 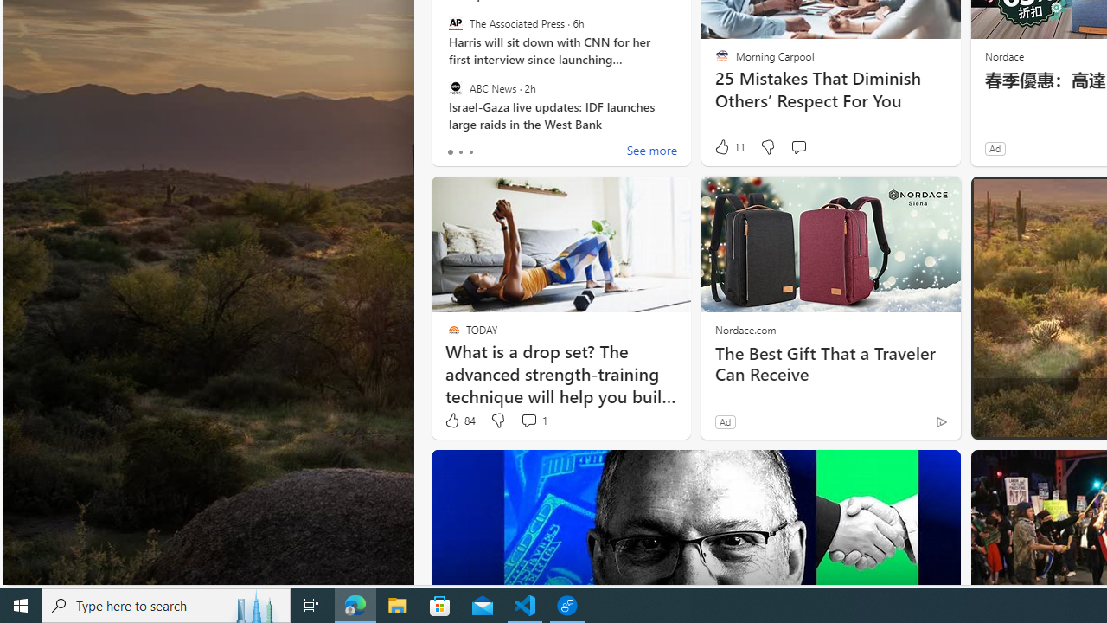 What do you see at coordinates (797, 146) in the screenshot?
I see `'Start the conversation'` at bounding box center [797, 146].